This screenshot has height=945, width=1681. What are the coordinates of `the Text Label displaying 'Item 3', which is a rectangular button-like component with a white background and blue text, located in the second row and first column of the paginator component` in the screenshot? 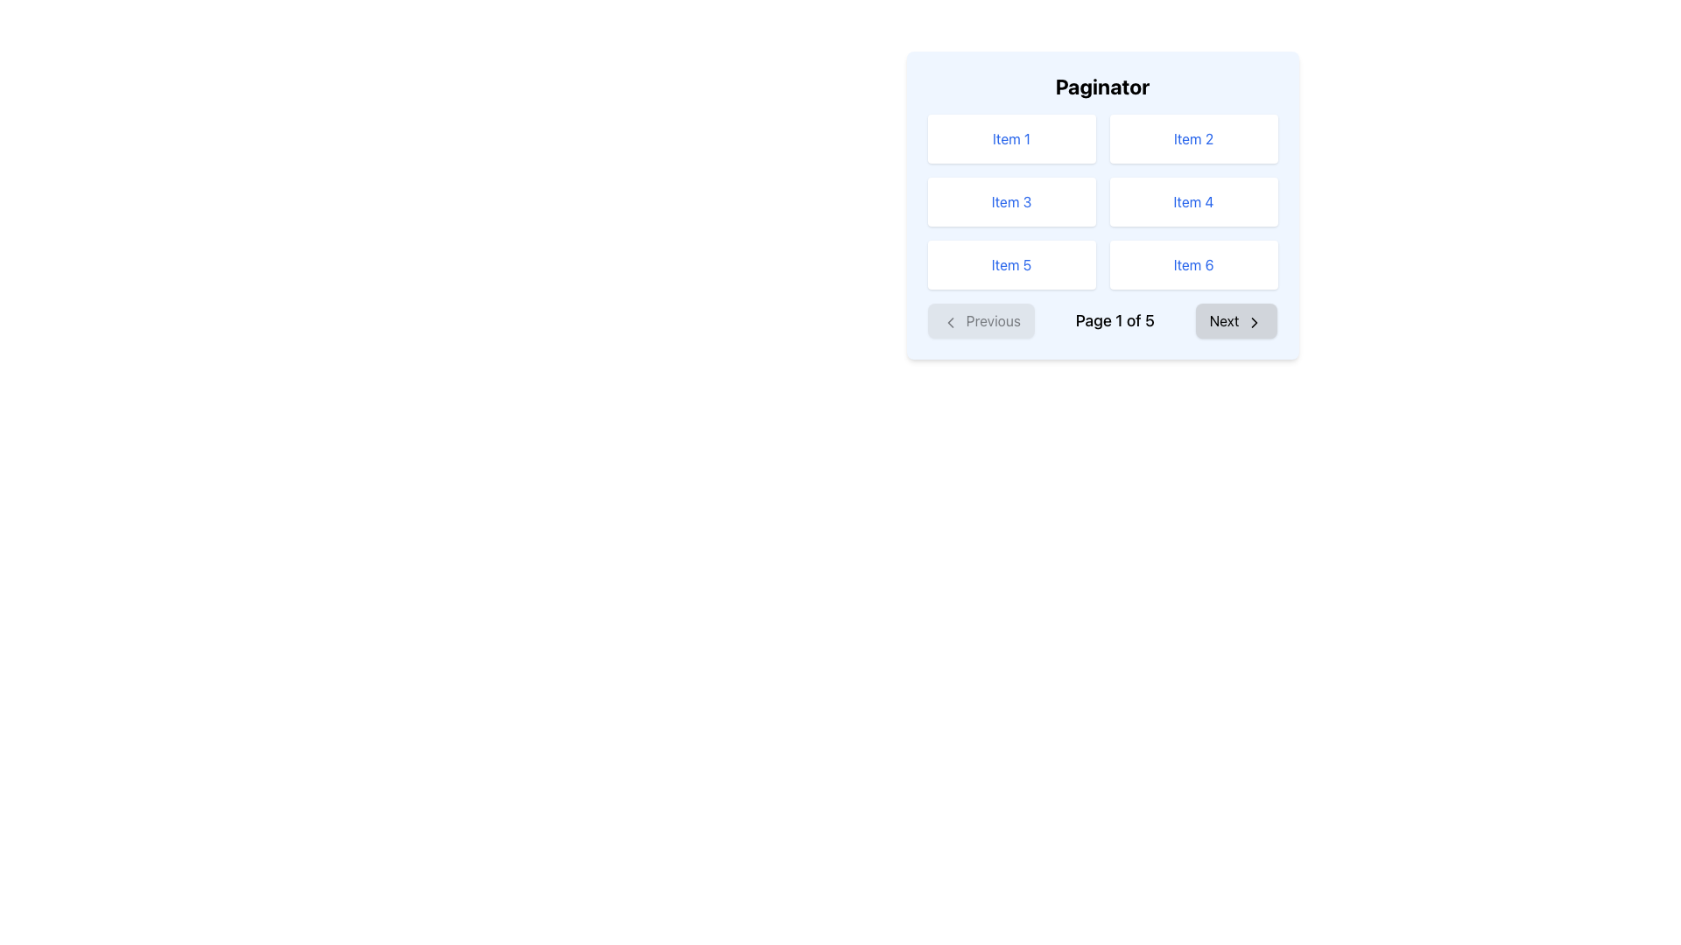 It's located at (1011, 201).